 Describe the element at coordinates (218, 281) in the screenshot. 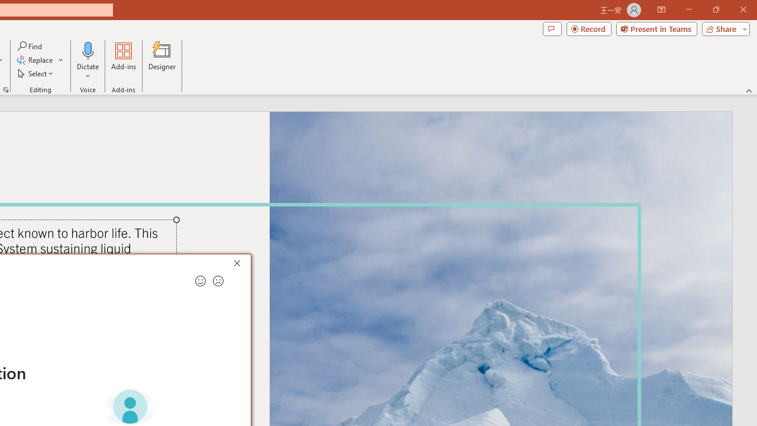

I see `'Send a frown for feedback'` at that location.